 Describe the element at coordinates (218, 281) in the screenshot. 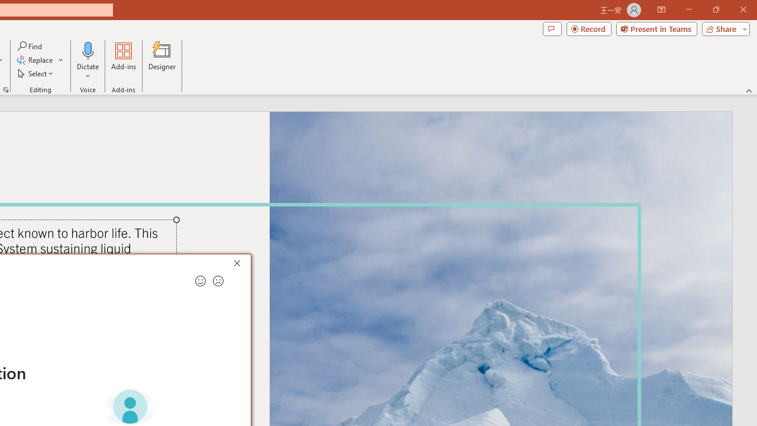

I see `'Send a frown for feedback'` at that location.